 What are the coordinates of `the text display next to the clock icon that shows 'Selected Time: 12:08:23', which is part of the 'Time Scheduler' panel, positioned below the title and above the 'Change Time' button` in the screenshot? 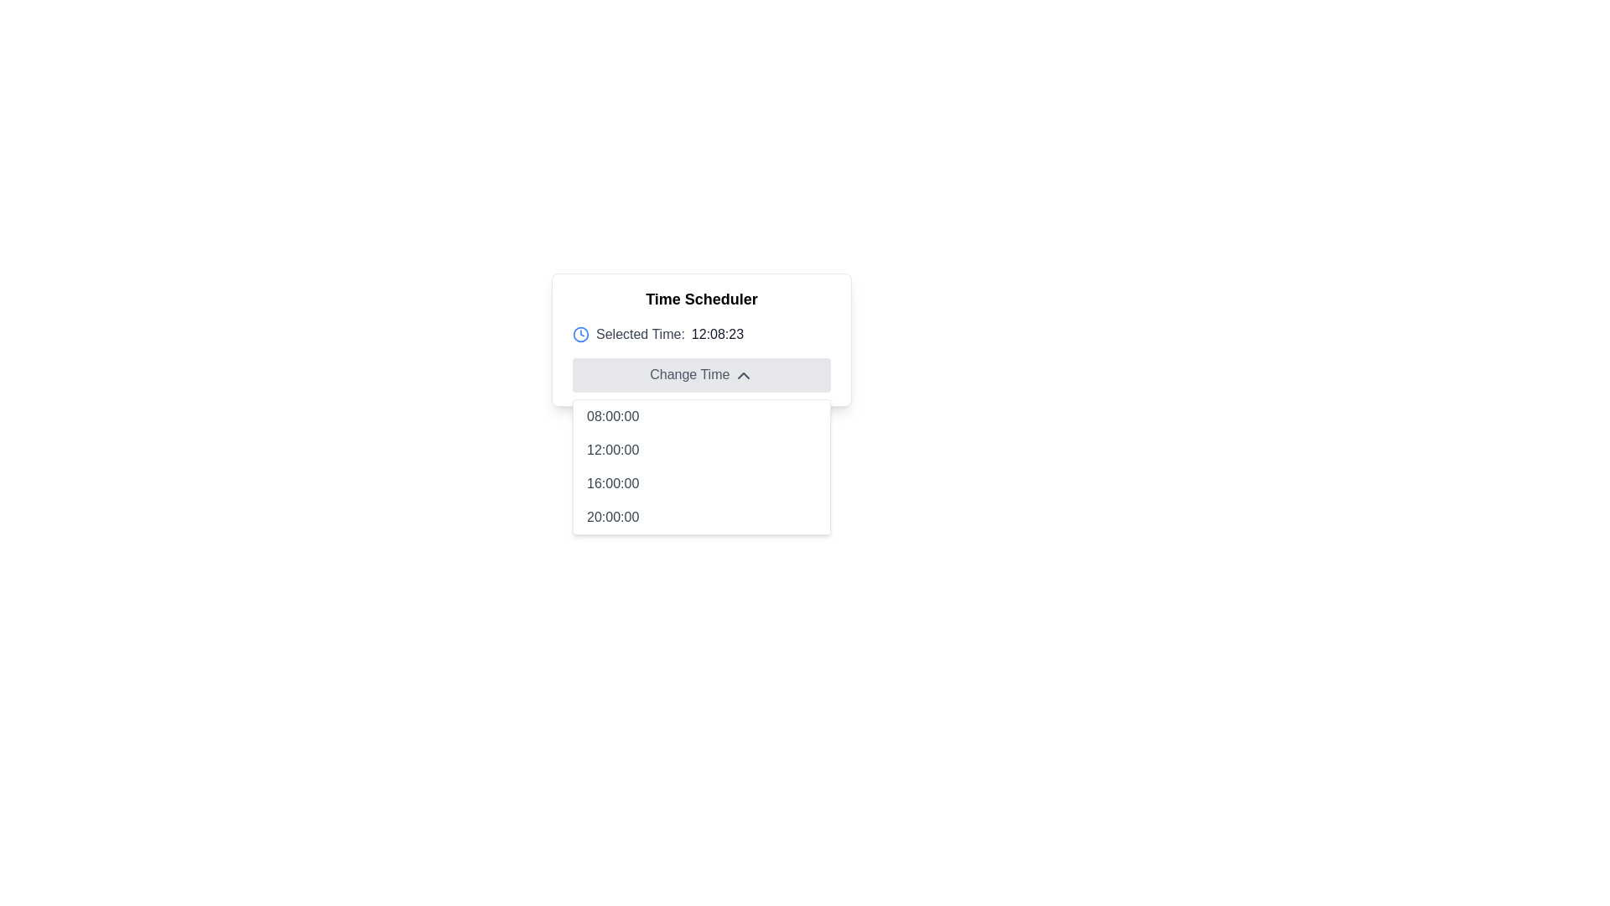 It's located at (701, 334).